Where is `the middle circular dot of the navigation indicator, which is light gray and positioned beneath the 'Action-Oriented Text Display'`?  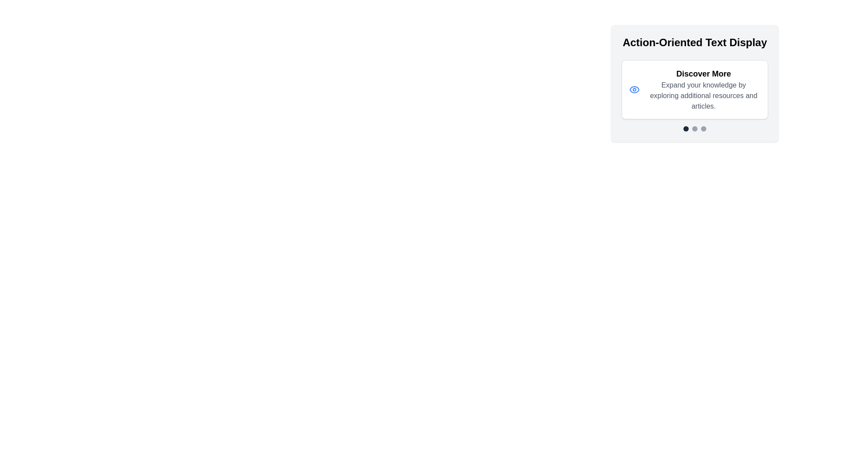 the middle circular dot of the navigation indicator, which is light gray and positioned beneath the 'Action-Oriented Text Display' is located at coordinates (694, 129).